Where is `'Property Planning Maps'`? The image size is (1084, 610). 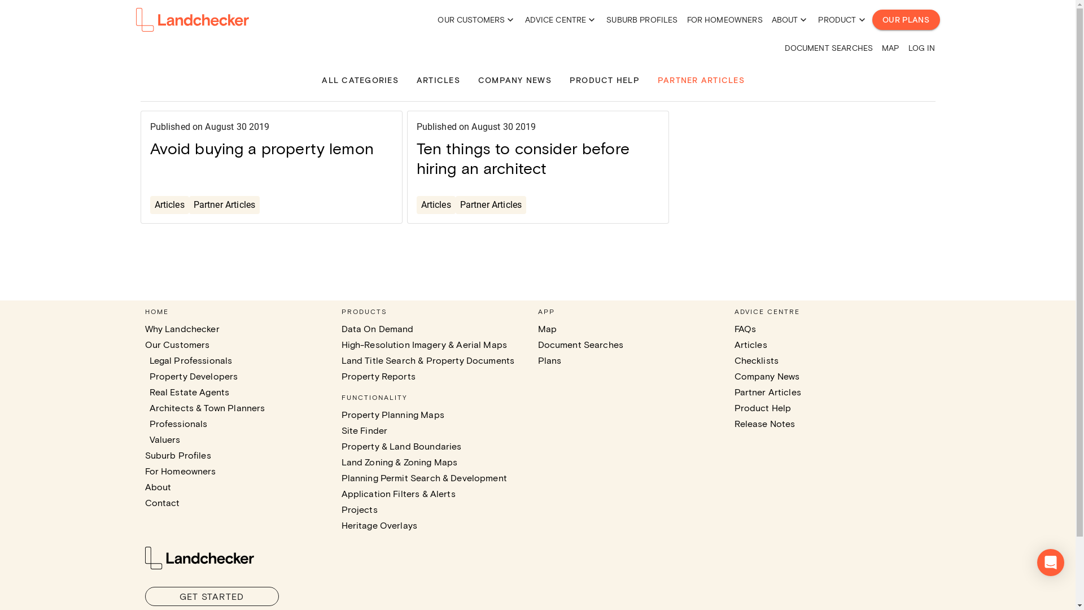
'Property Planning Maps' is located at coordinates (392, 415).